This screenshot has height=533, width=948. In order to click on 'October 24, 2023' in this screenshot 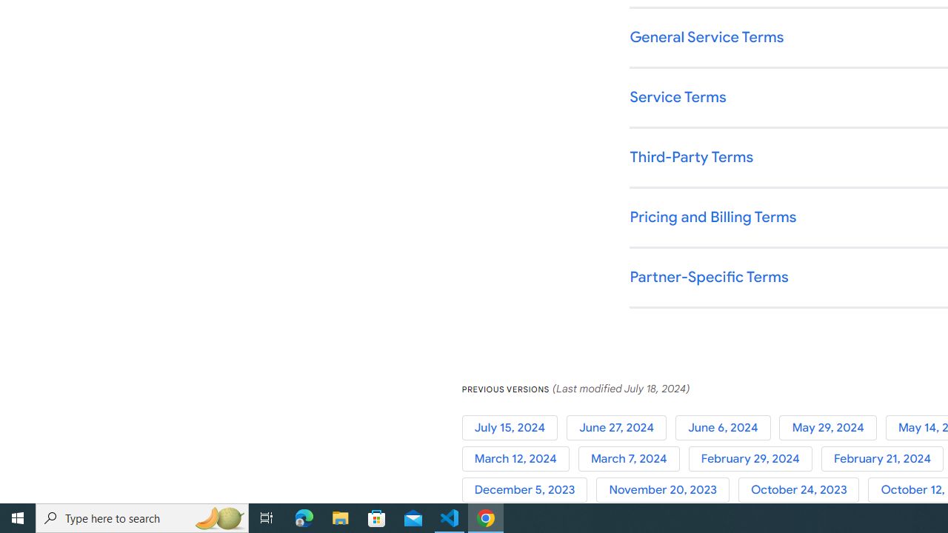, I will do `click(802, 490)`.